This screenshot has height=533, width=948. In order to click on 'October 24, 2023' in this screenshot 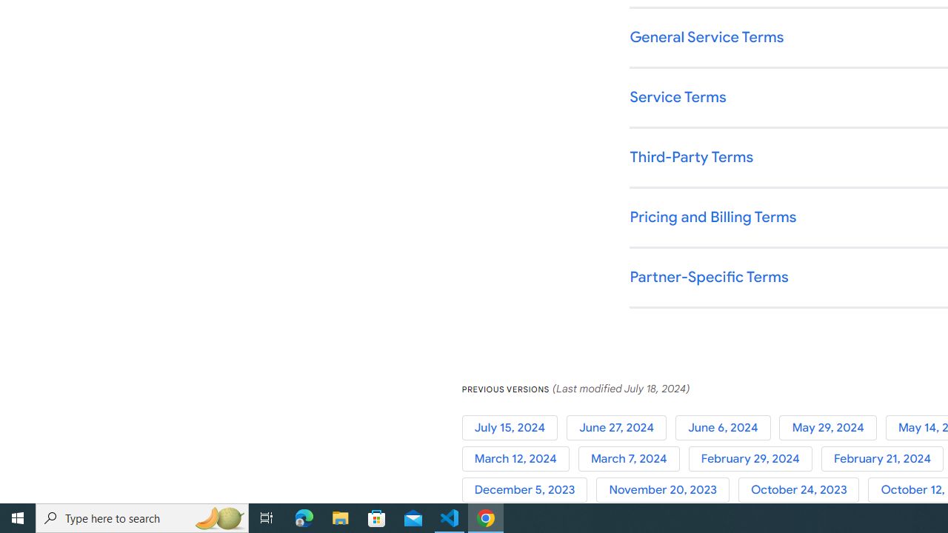, I will do `click(802, 490)`.